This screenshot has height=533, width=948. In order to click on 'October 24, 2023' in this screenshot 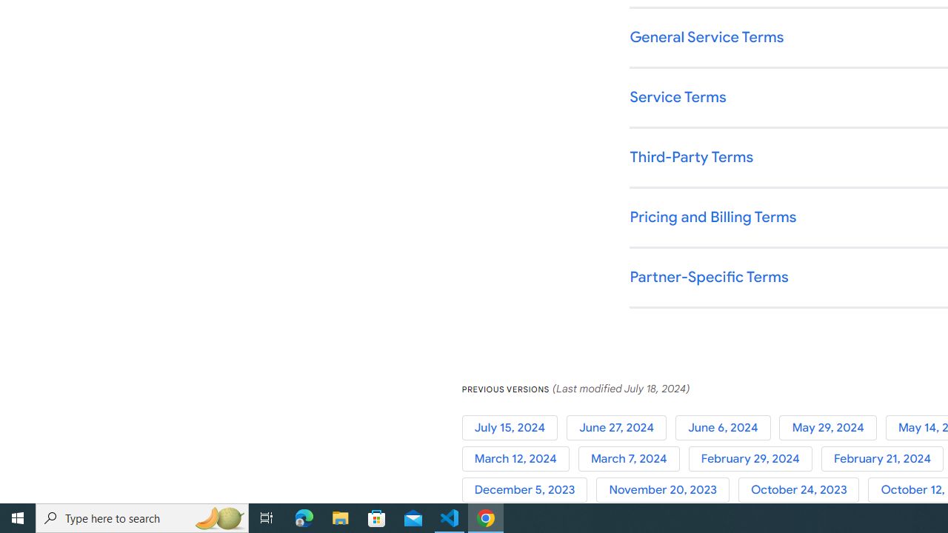, I will do `click(802, 490)`.